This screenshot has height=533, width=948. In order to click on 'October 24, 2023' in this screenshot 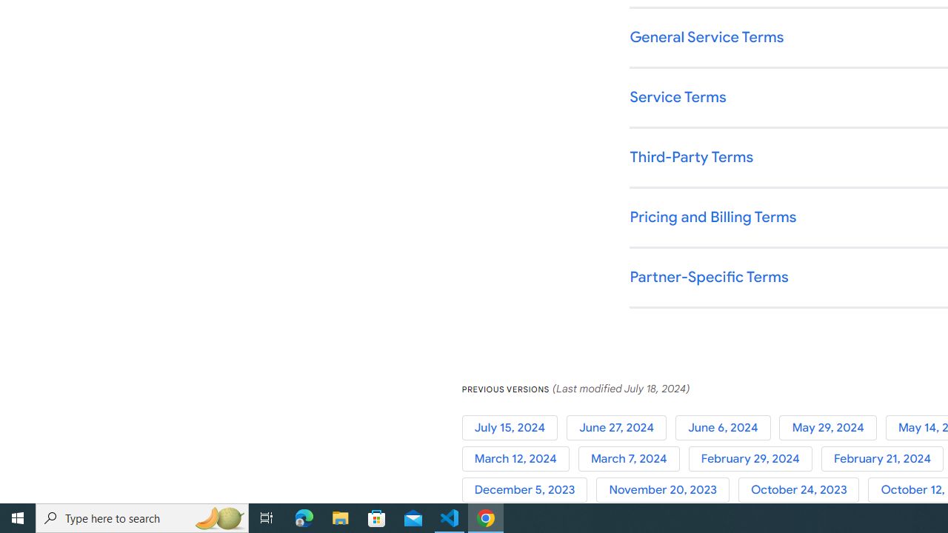, I will do `click(802, 490)`.